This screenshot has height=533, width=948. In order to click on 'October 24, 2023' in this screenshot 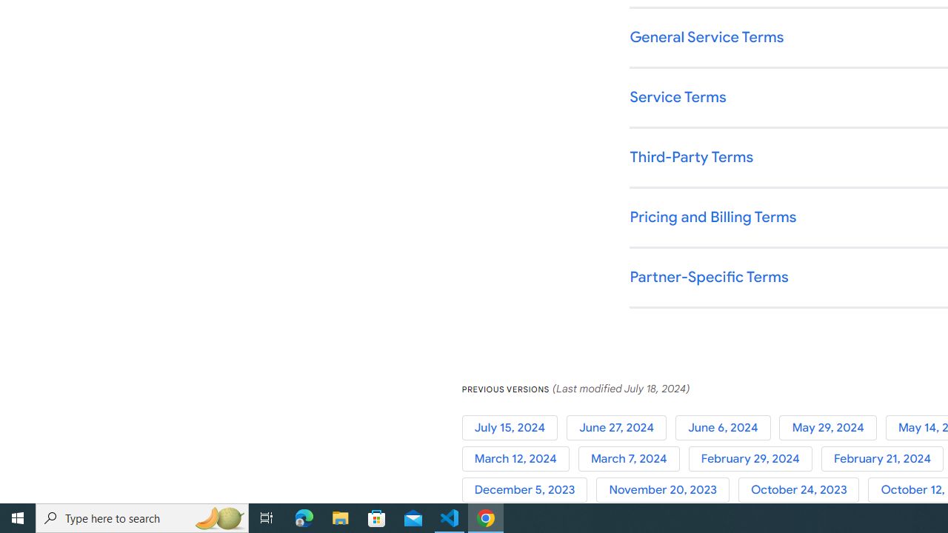, I will do `click(802, 490)`.